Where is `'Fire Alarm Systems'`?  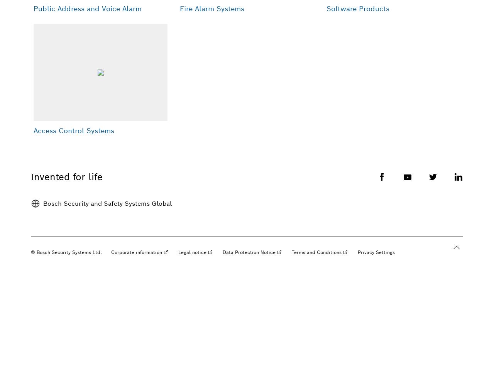
'Fire Alarm Systems' is located at coordinates (212, 8).